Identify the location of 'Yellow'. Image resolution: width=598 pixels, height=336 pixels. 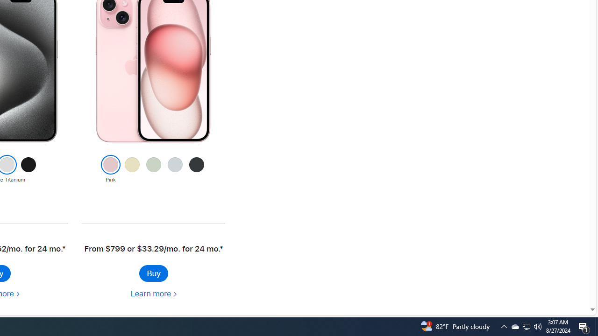
(131, 169).